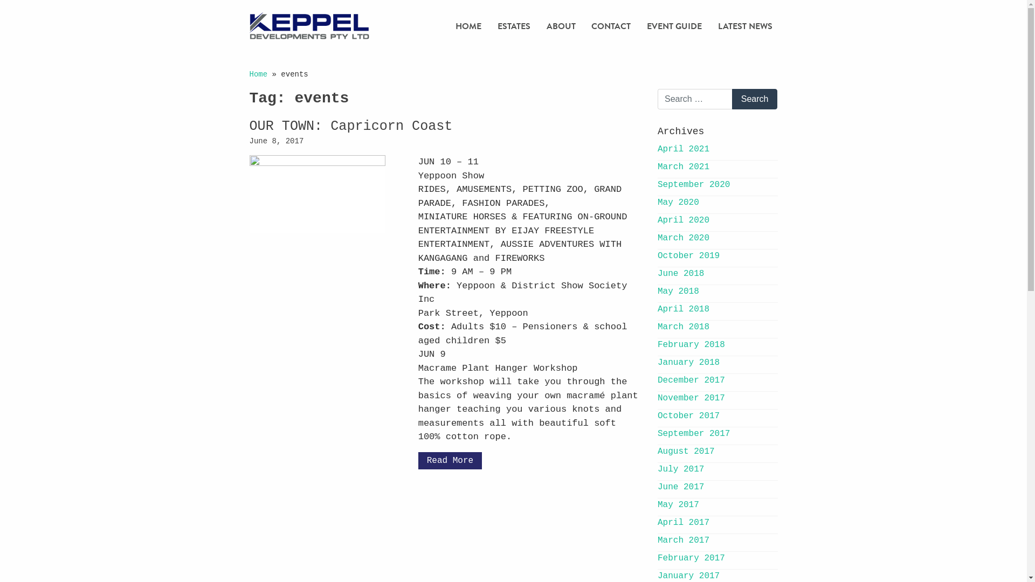  What do you see at coordinates (688, 255) in the screenshot?
I see `'October 2019'` at bounding box center [688, 255].